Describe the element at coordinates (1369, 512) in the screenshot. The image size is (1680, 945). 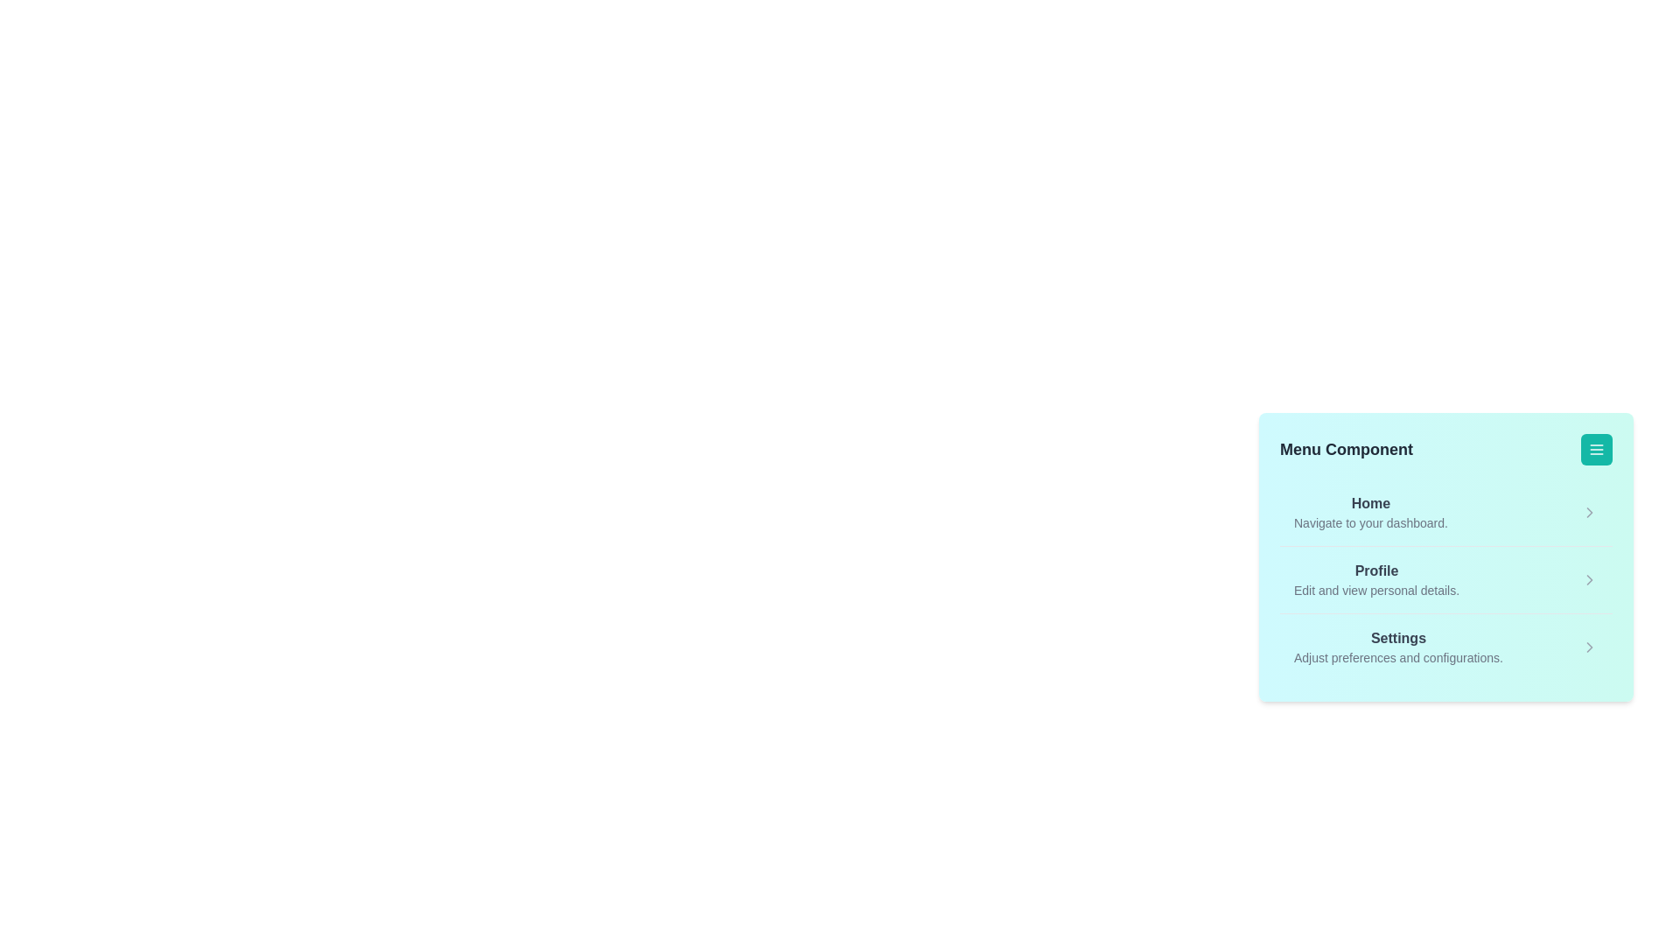
I see `the menu item Home to highlight it` at that location.